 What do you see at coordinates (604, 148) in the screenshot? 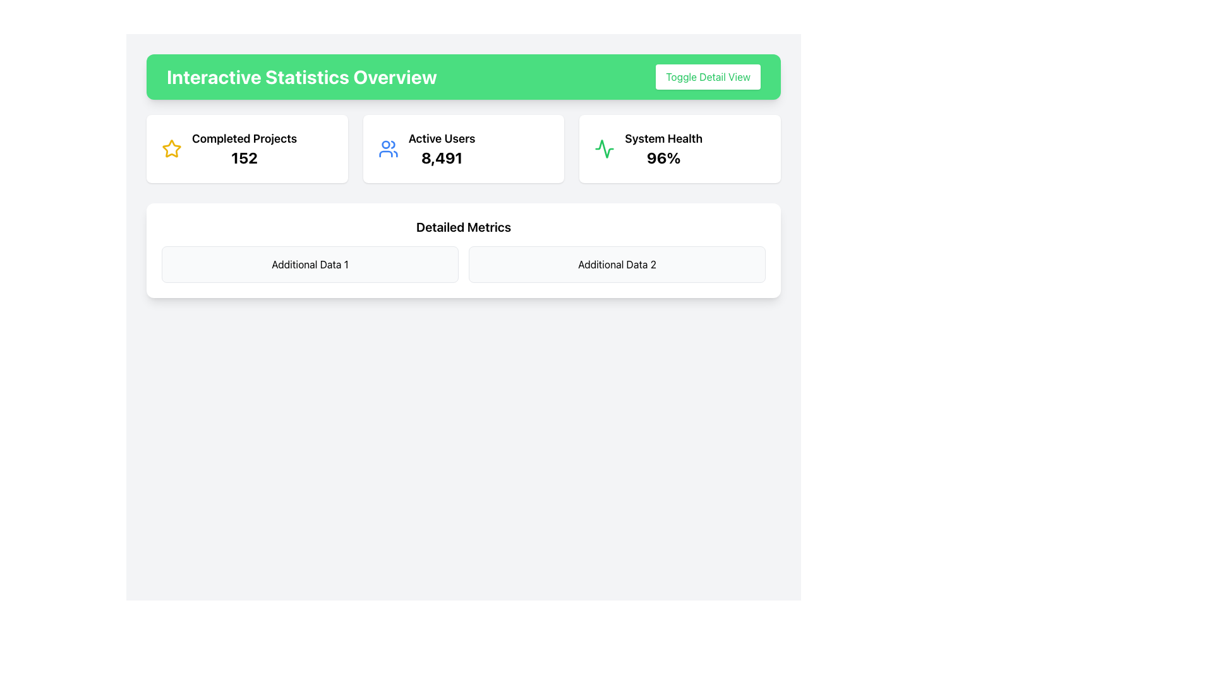
I see `the 'System Health' icon located in the top-right quadrant of the interface, above the '96%' text within the 'System Health' card` at bounding box center [604, 148].